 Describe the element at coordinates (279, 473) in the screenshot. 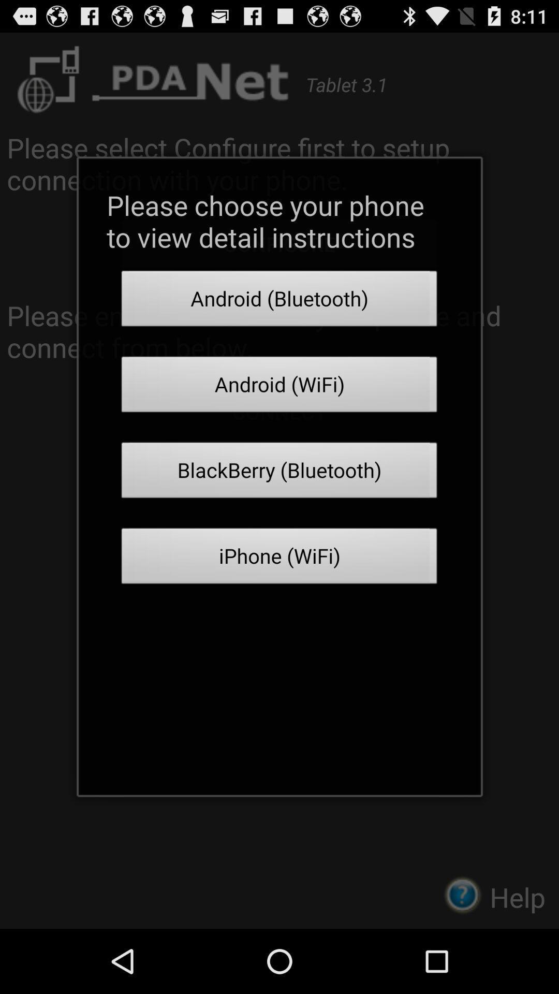

I see `the icon below the android (wifi)` at that location.